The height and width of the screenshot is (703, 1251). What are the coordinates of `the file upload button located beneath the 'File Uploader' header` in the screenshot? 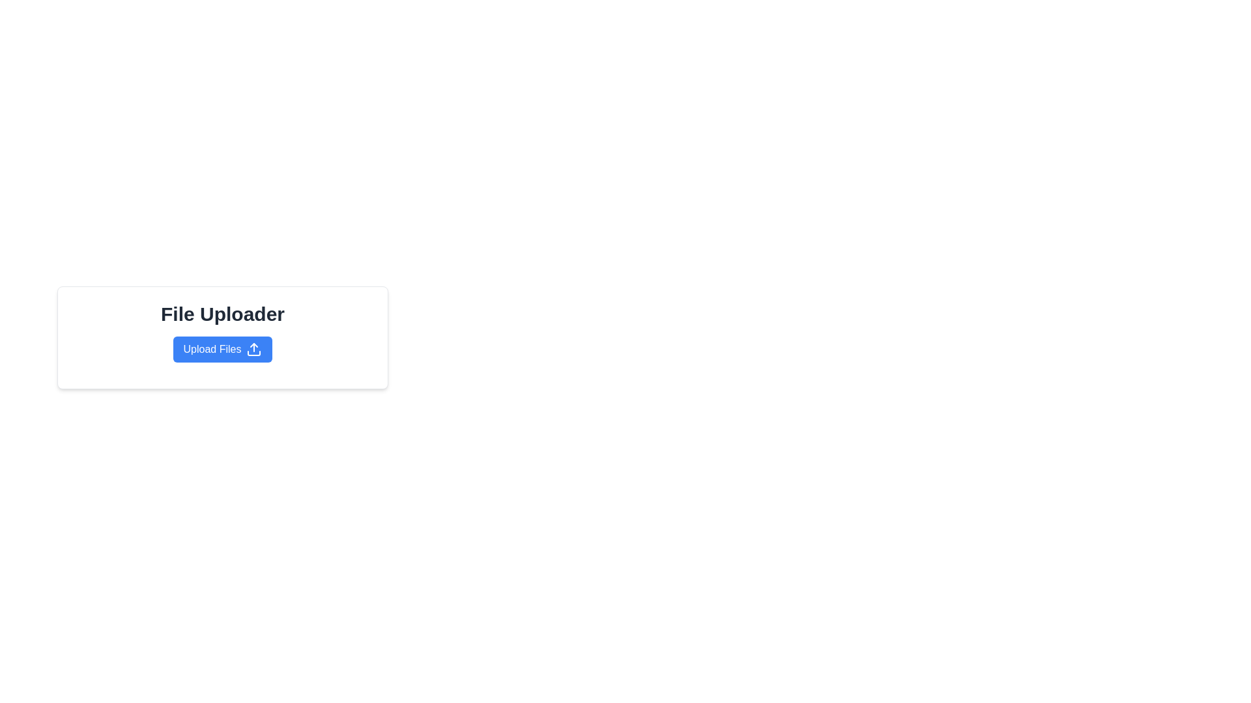 It's located at (222, 348).